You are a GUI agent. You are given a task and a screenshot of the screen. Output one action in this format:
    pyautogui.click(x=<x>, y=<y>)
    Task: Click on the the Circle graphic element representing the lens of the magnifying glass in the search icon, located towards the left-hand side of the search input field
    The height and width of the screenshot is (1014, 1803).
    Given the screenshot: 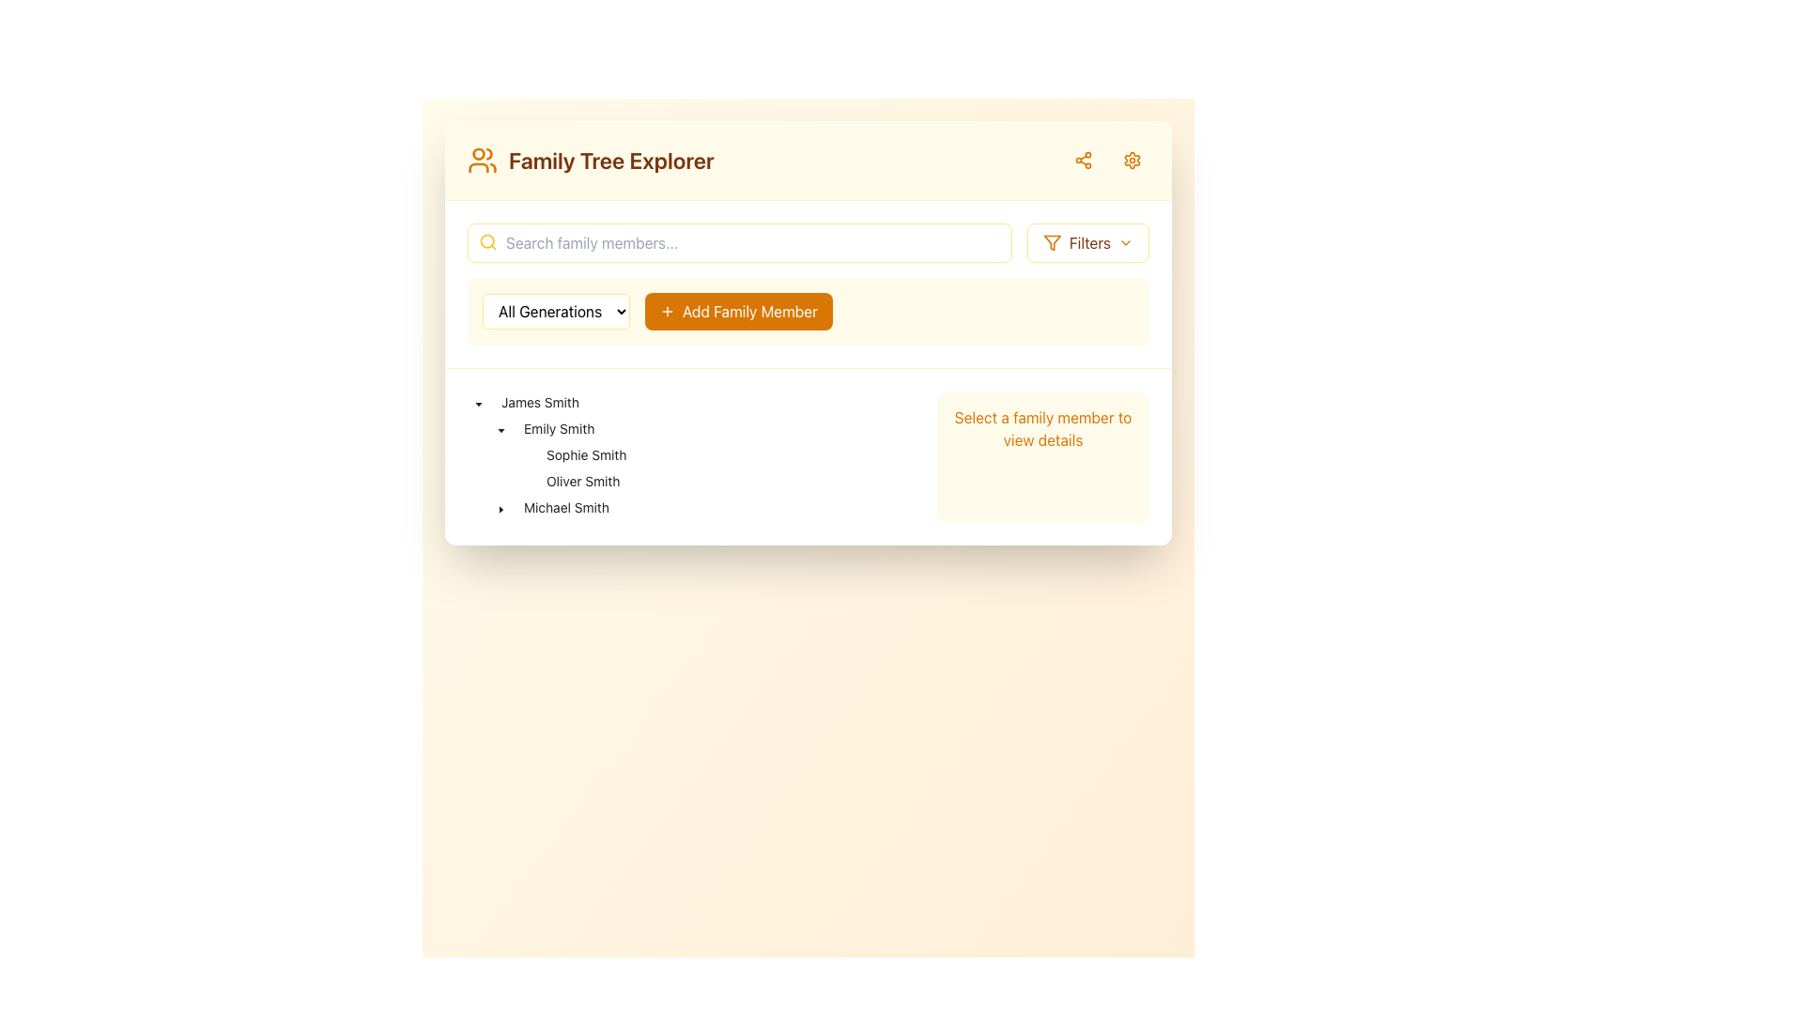 What is the action you would take?
    pyautogui.click(x=487, y=240)
    